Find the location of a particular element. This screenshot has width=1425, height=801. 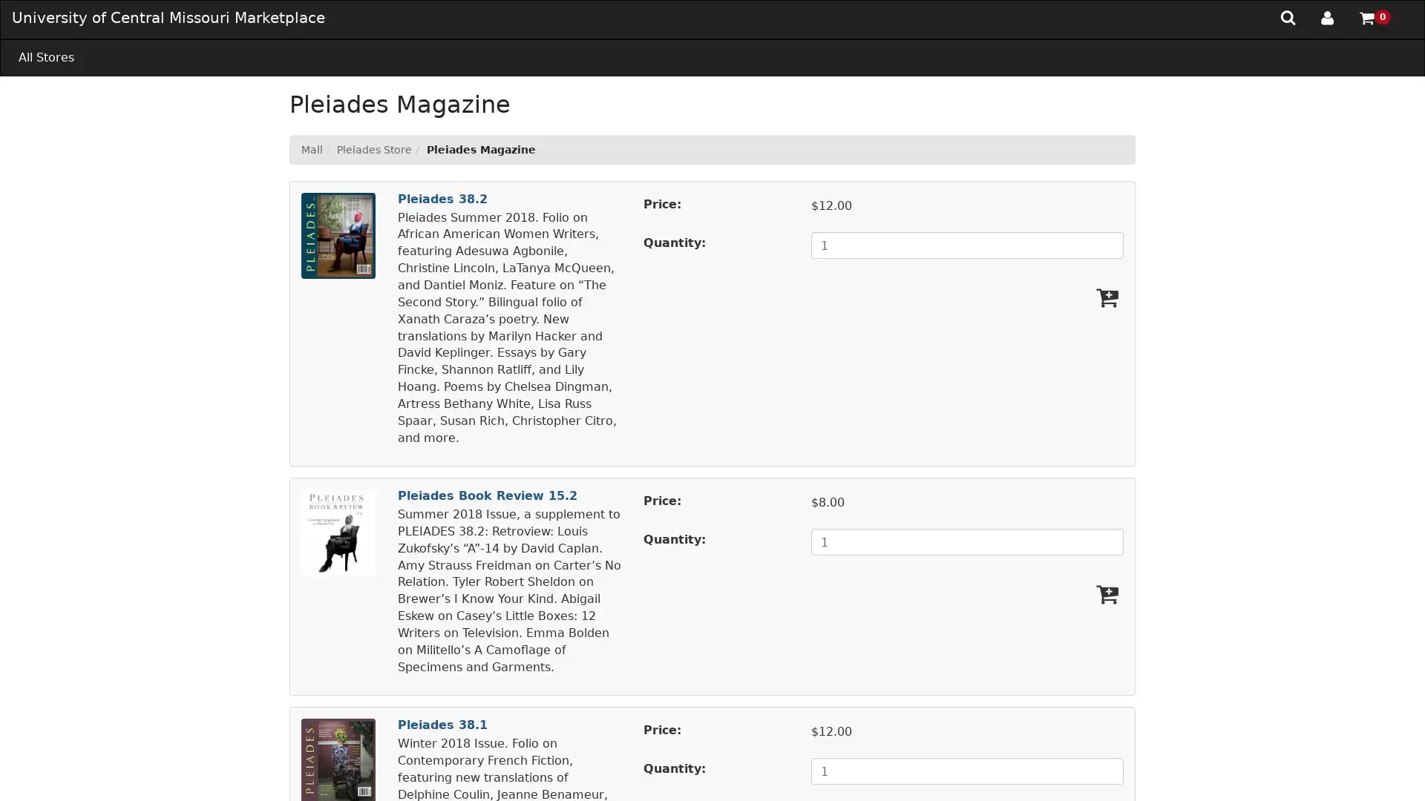

Add Pleiades Book Review 15.2 To Cart is located at coordinates (1107, 596).